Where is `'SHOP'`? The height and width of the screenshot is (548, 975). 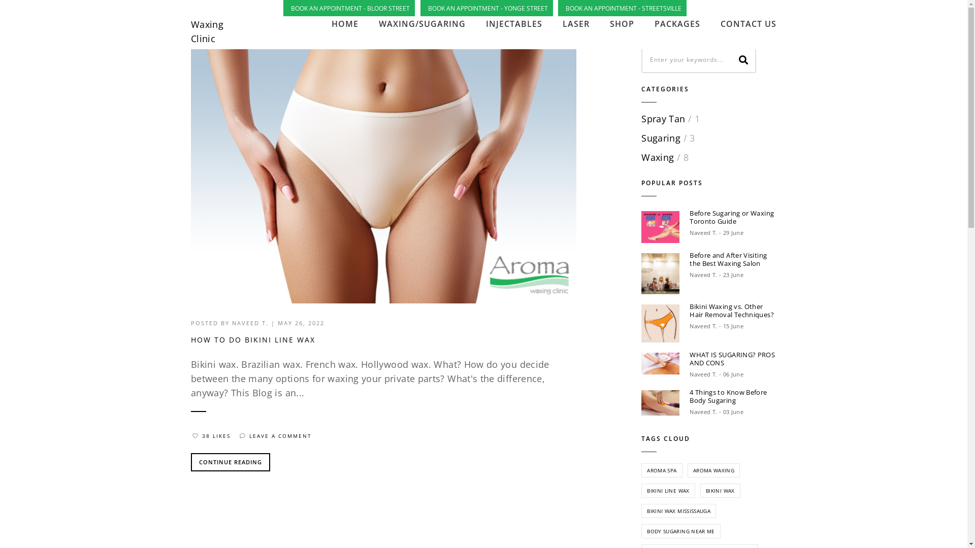
'SHOP' is located at coordinates (621, 23).